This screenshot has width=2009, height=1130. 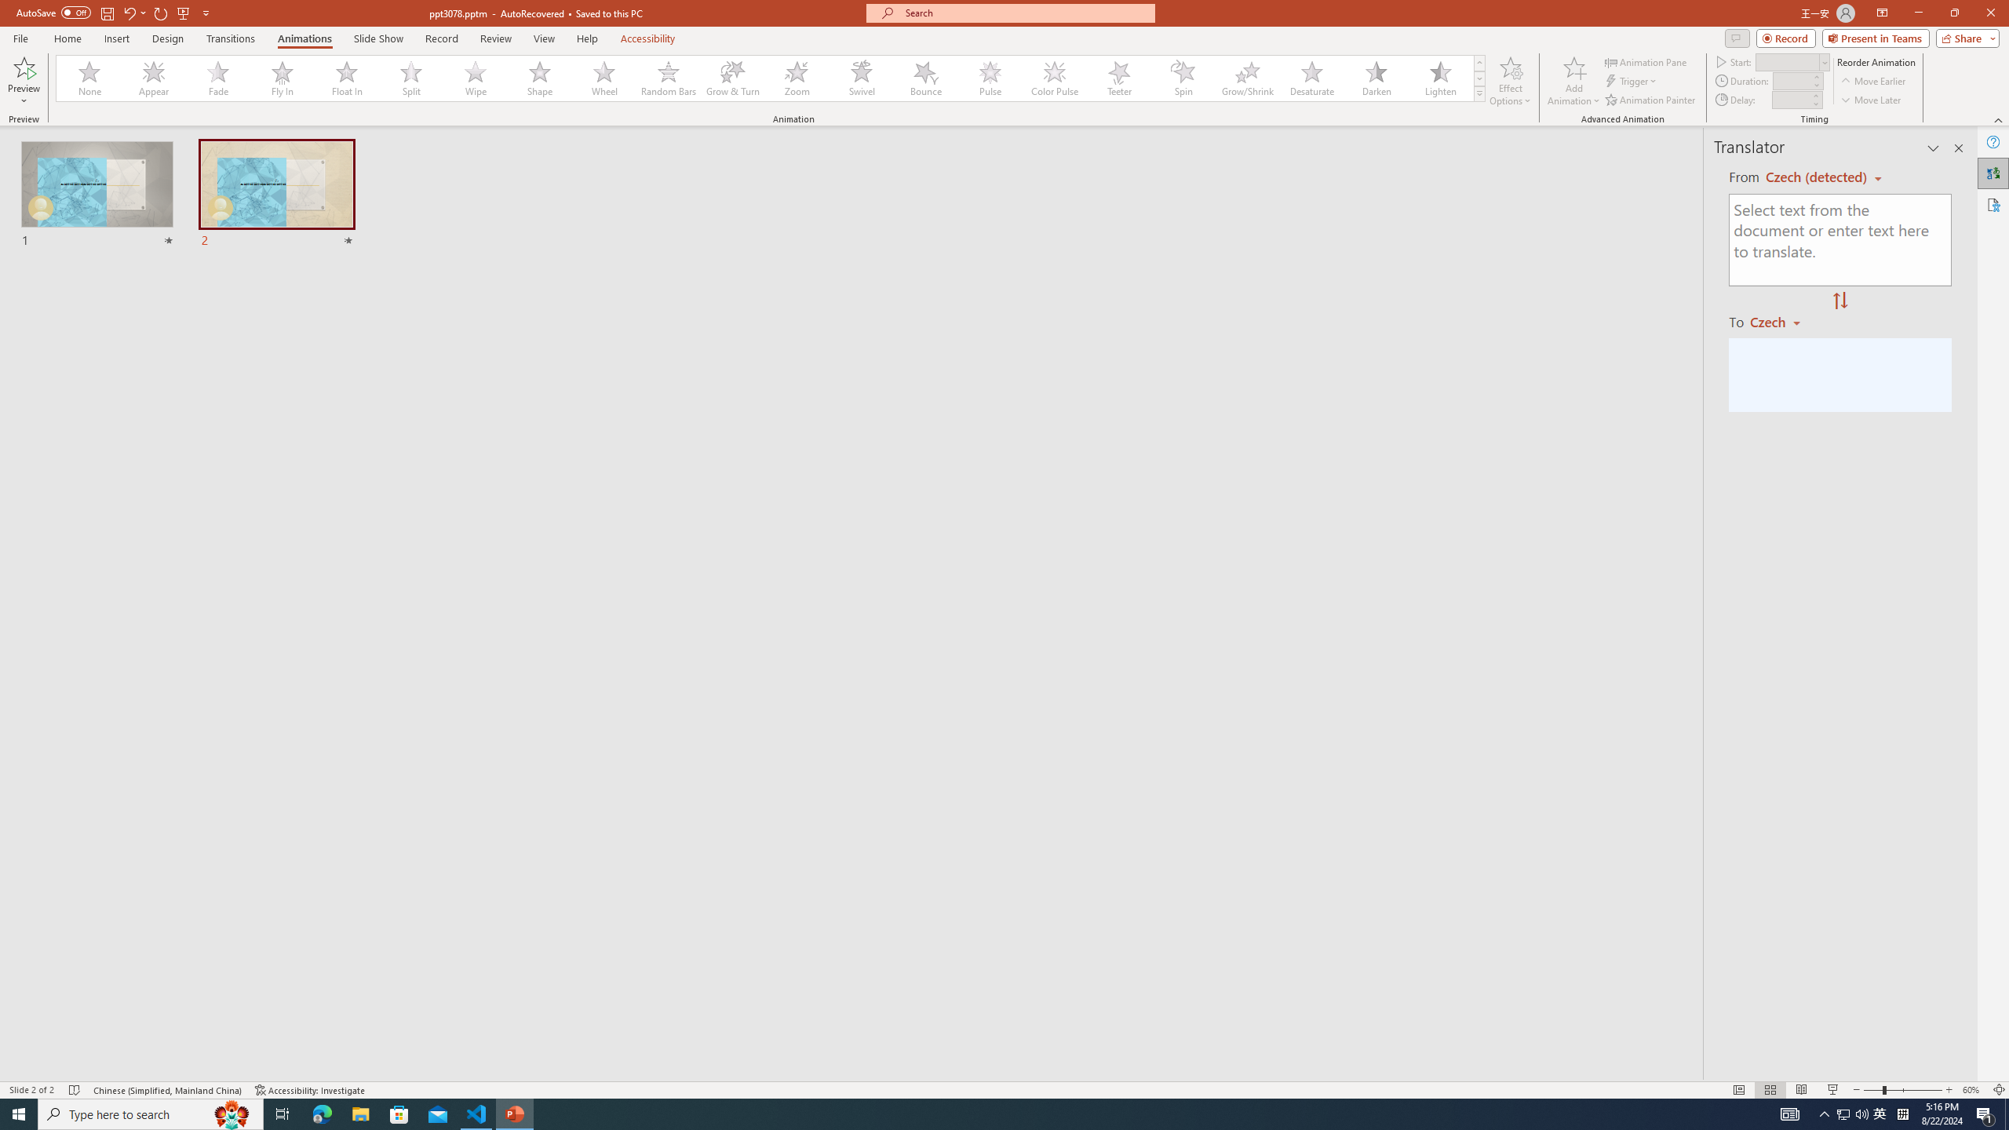 I want to click on 'None', so click(x=89, y=78).